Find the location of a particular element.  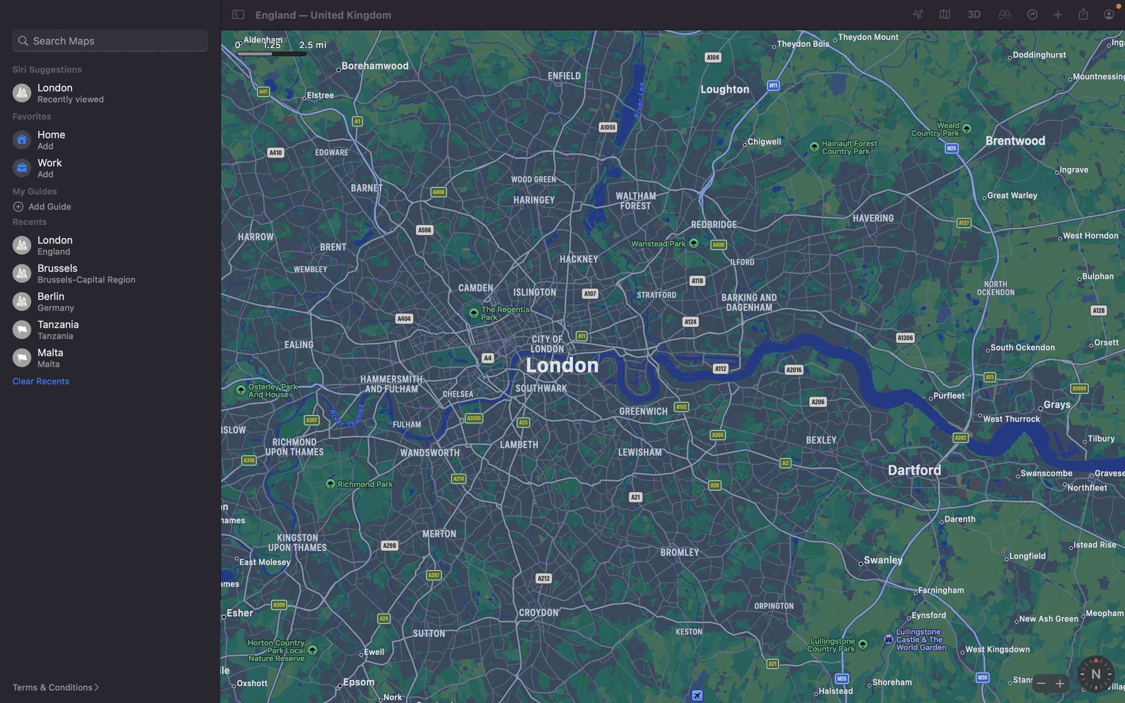

Communicate the current map coordinates is located at coordinates (1085, 13).